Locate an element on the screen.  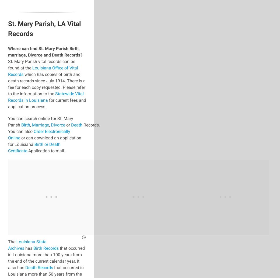
'Death Records' is located at coordinates (39, 267).